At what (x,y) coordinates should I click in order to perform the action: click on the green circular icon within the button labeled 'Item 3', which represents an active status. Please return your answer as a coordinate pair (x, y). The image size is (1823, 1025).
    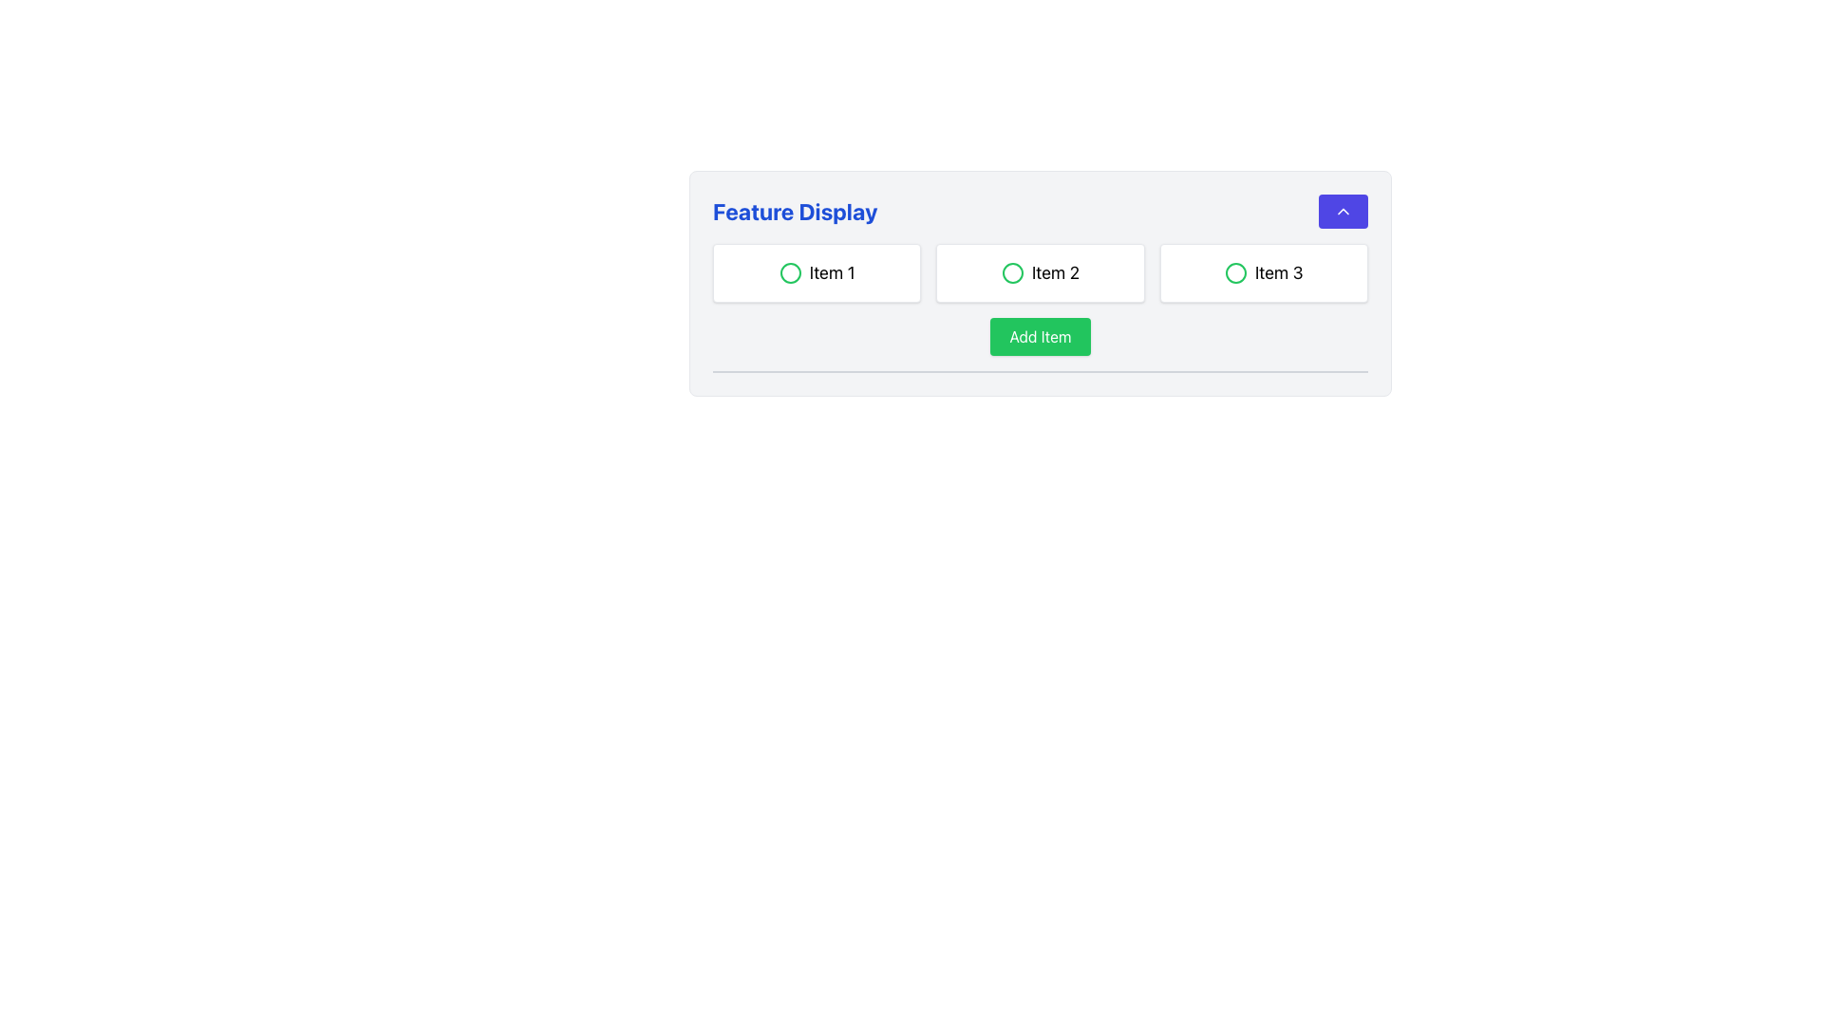
    Looking at the image, I should click on (1235, 273).